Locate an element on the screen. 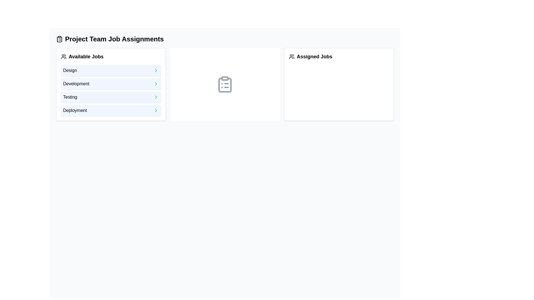 This screenshot has height=300, width=534. the chevron icon at the end of the 'Development' row in the 'Available Jobs' list is located at coordinates (156, 84).